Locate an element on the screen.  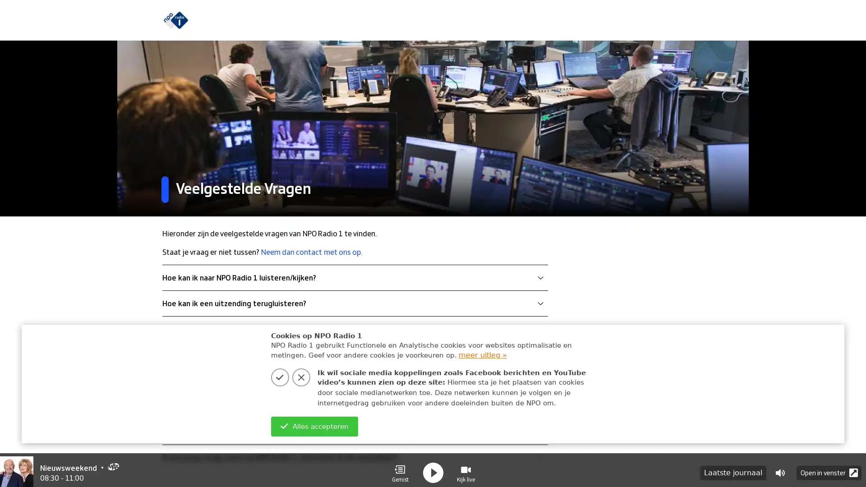
Alles accepteren is located at coordinates (314, 426).